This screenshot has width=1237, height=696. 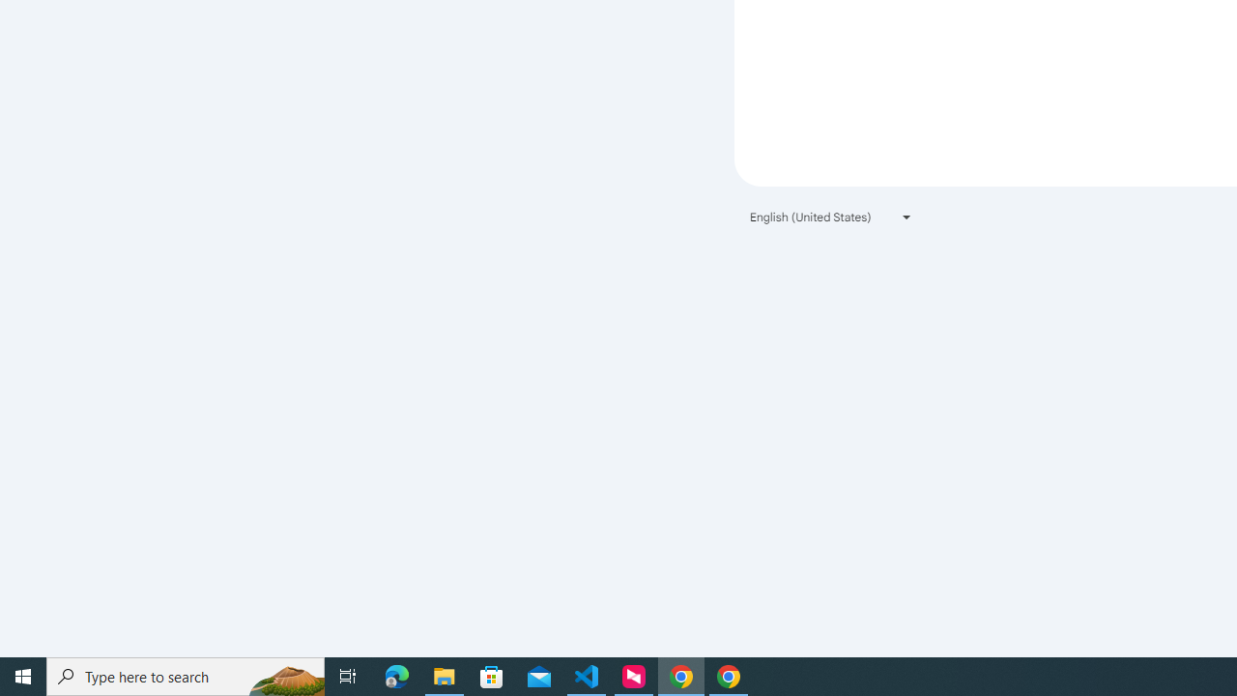 I want to click on 'English (United States)', so click(x=831, y=217).